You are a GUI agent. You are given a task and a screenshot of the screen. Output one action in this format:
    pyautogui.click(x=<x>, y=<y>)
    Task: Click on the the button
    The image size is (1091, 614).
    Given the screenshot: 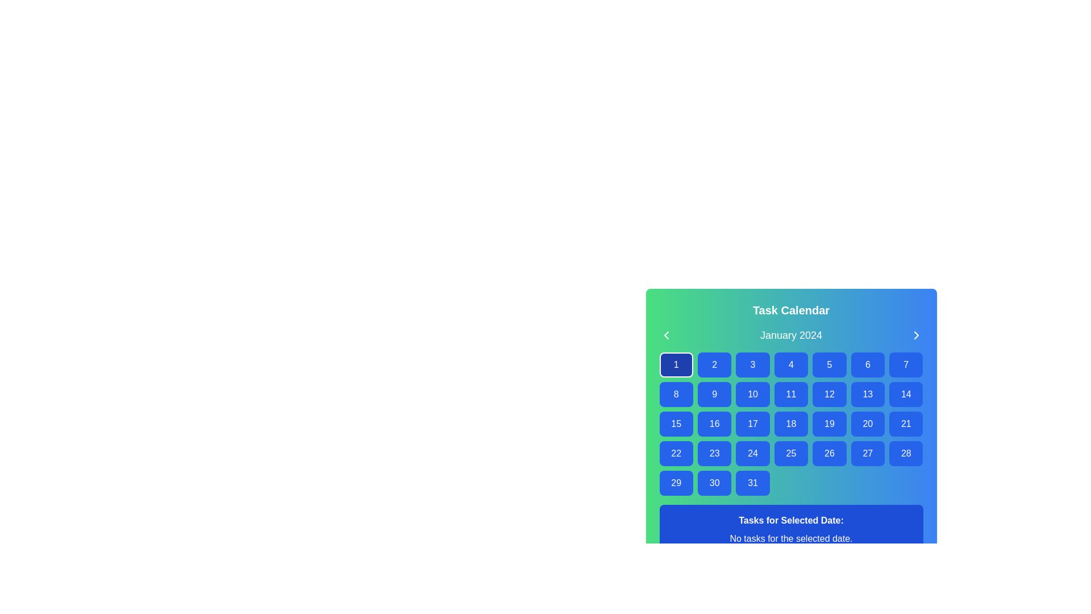 What is the action you would take?
    pyautogui.click(x=829, y=453)
    